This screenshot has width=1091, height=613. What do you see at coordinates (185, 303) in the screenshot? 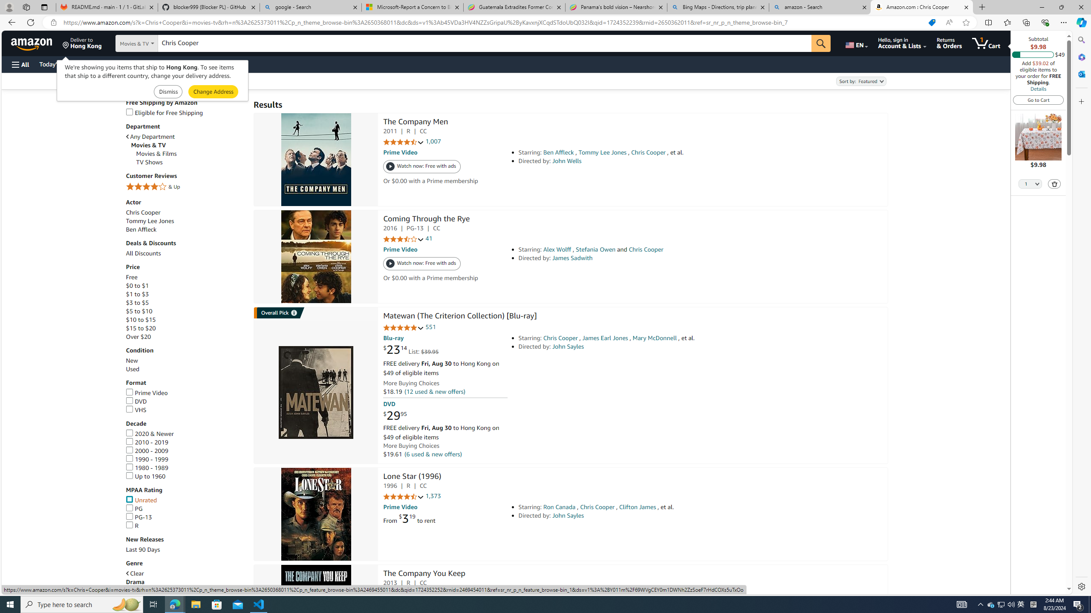
I see `'$3 to $5'` at bounding box center [185, 303].